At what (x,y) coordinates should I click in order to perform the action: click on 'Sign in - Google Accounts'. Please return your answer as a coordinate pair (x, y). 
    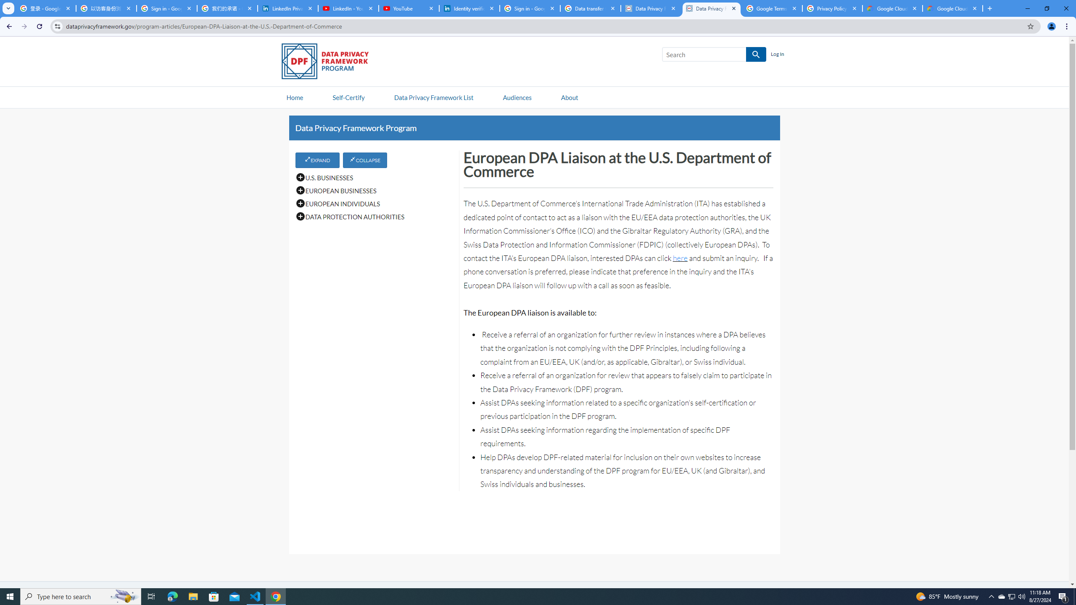
    Looking at the image, I should click on (166, 8).